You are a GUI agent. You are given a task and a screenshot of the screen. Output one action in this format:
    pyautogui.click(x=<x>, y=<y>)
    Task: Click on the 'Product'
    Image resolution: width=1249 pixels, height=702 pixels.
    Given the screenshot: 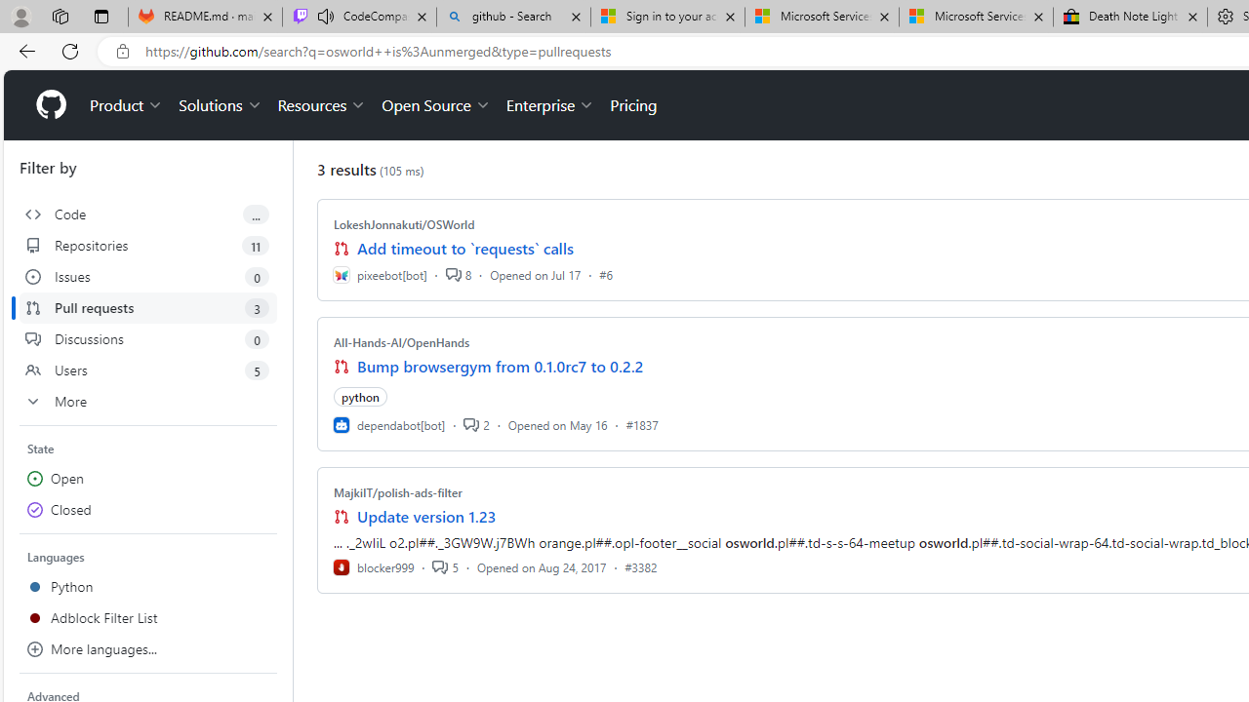 What is the action you would take?
    pyautogui.click(x=126, y=105)
    